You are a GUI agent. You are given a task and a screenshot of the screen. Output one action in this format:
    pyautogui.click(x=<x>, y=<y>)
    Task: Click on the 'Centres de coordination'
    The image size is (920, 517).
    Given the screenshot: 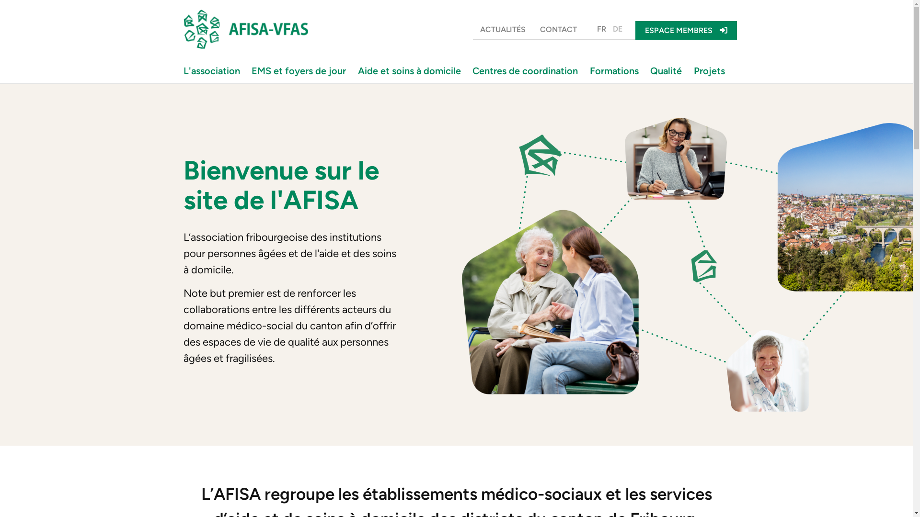 What is the action you would take?
    pyautogui.click(x=527, y=70)
    